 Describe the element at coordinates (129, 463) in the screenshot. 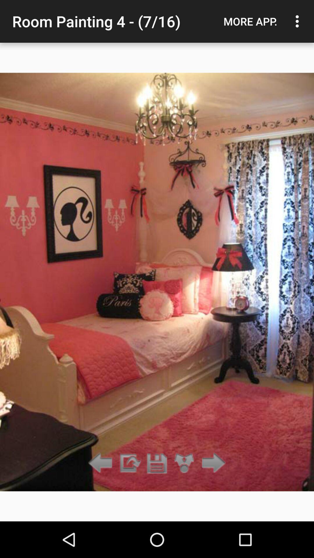

I see `app below the room painting 4` at that location.